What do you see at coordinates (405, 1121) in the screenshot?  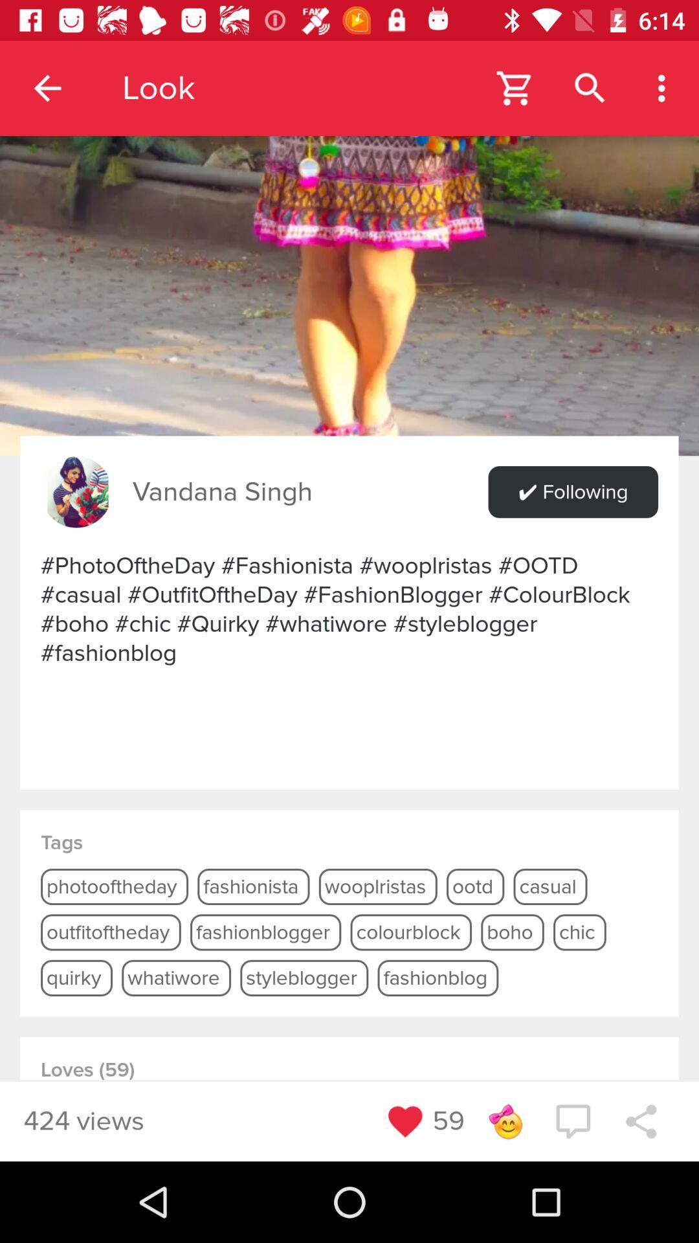 I see `icon to the left of 59 icon` at bounding box center [405, 1121].